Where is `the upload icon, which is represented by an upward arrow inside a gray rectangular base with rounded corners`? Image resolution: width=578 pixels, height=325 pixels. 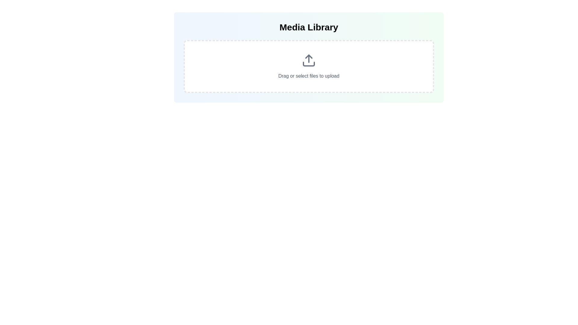 the upload icon, which is represented by an upward arrow inside a gray rectangular base with rounded corners is located at coordinates (309, 60).